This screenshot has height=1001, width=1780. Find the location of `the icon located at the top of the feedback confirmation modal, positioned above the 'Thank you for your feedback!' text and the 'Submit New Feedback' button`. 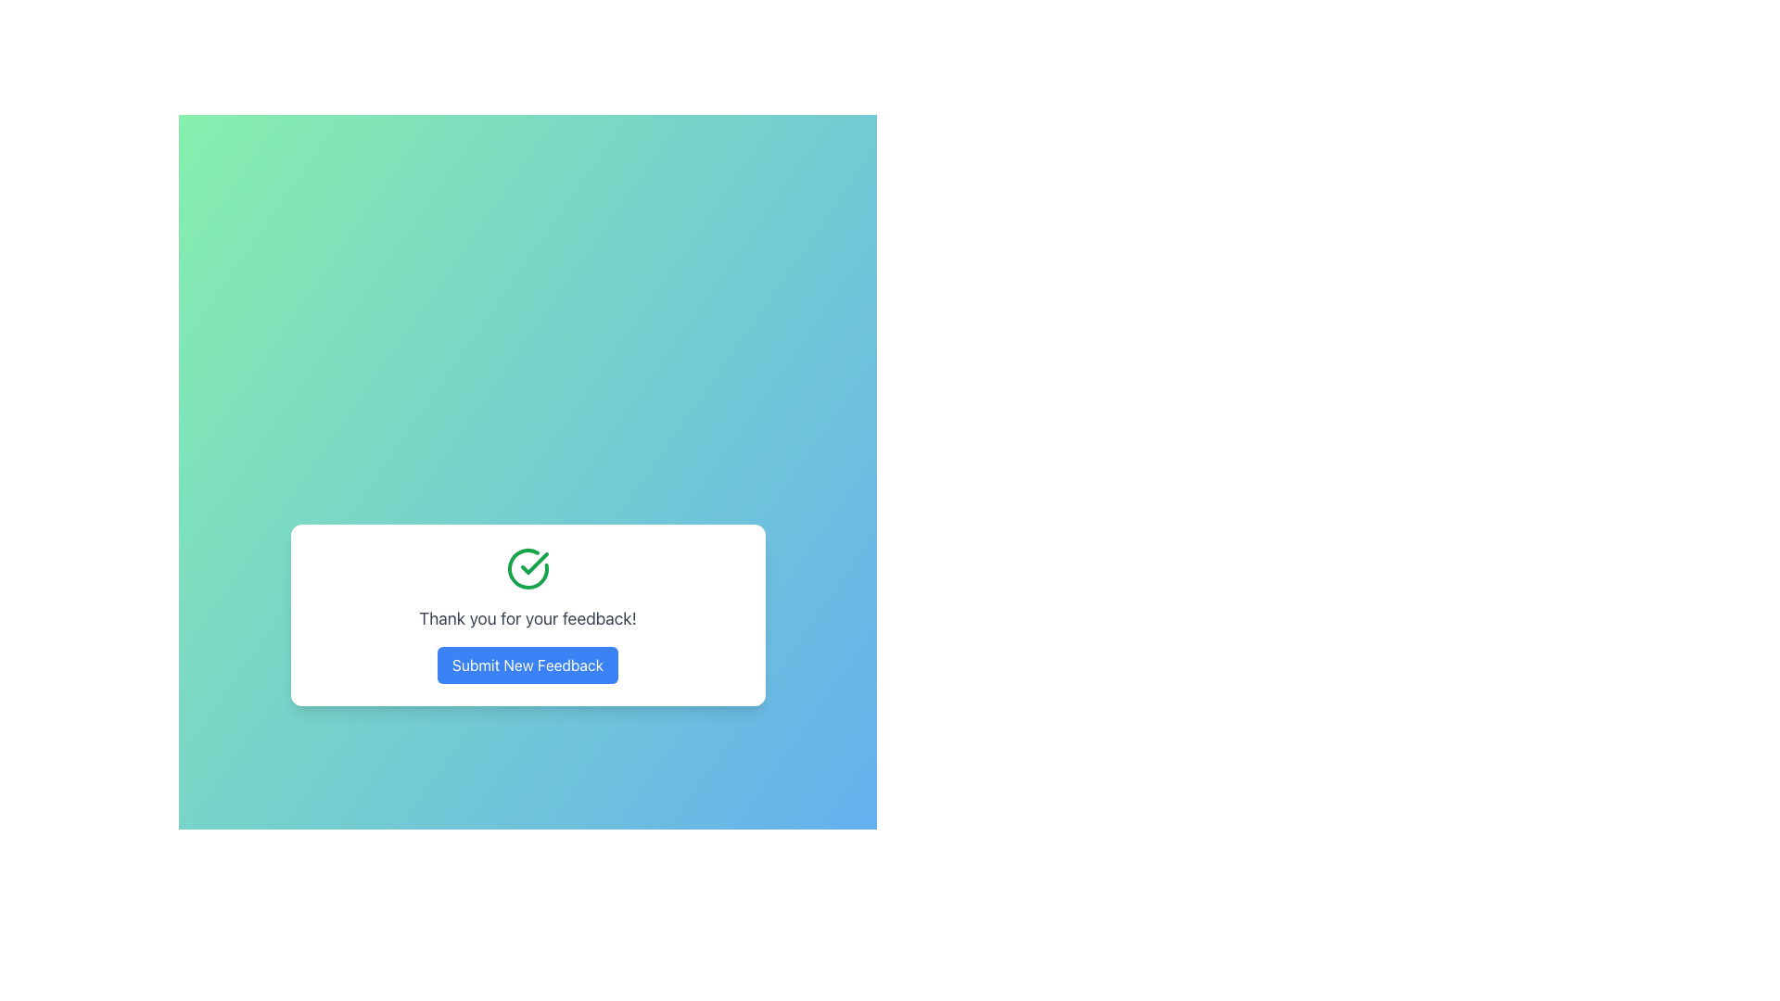

the icon located at the top of the feedback confirmation modal, positioned above the 'Thank you for your feedback!' text and the 'Submit New Feedback' button is located at coordinates (527, 567).